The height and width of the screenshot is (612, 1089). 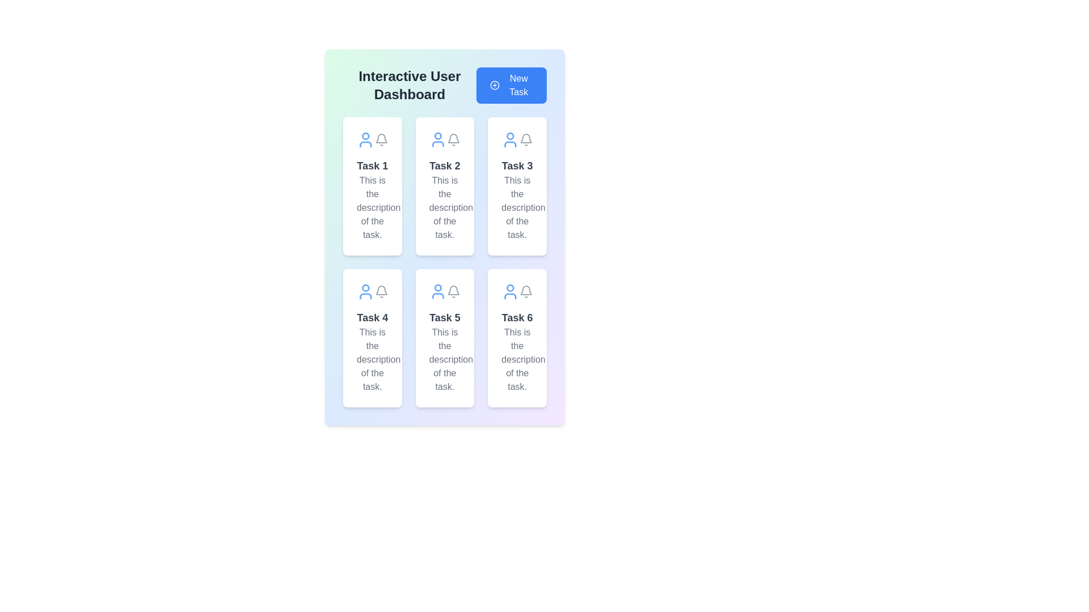 What do you see at coordinates (444, 291) in the screenshot?
I see `the icon group located at the top part of the 'Task 5' card, which is the fifth card in the second row of a two-column grid layout` at bounding box center [444, 291].